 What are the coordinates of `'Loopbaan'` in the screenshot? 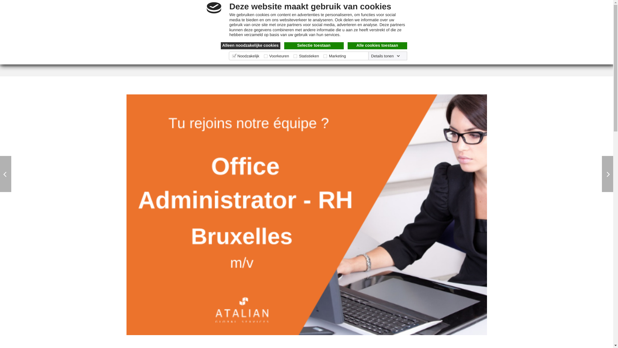 It's located at (377, 23).